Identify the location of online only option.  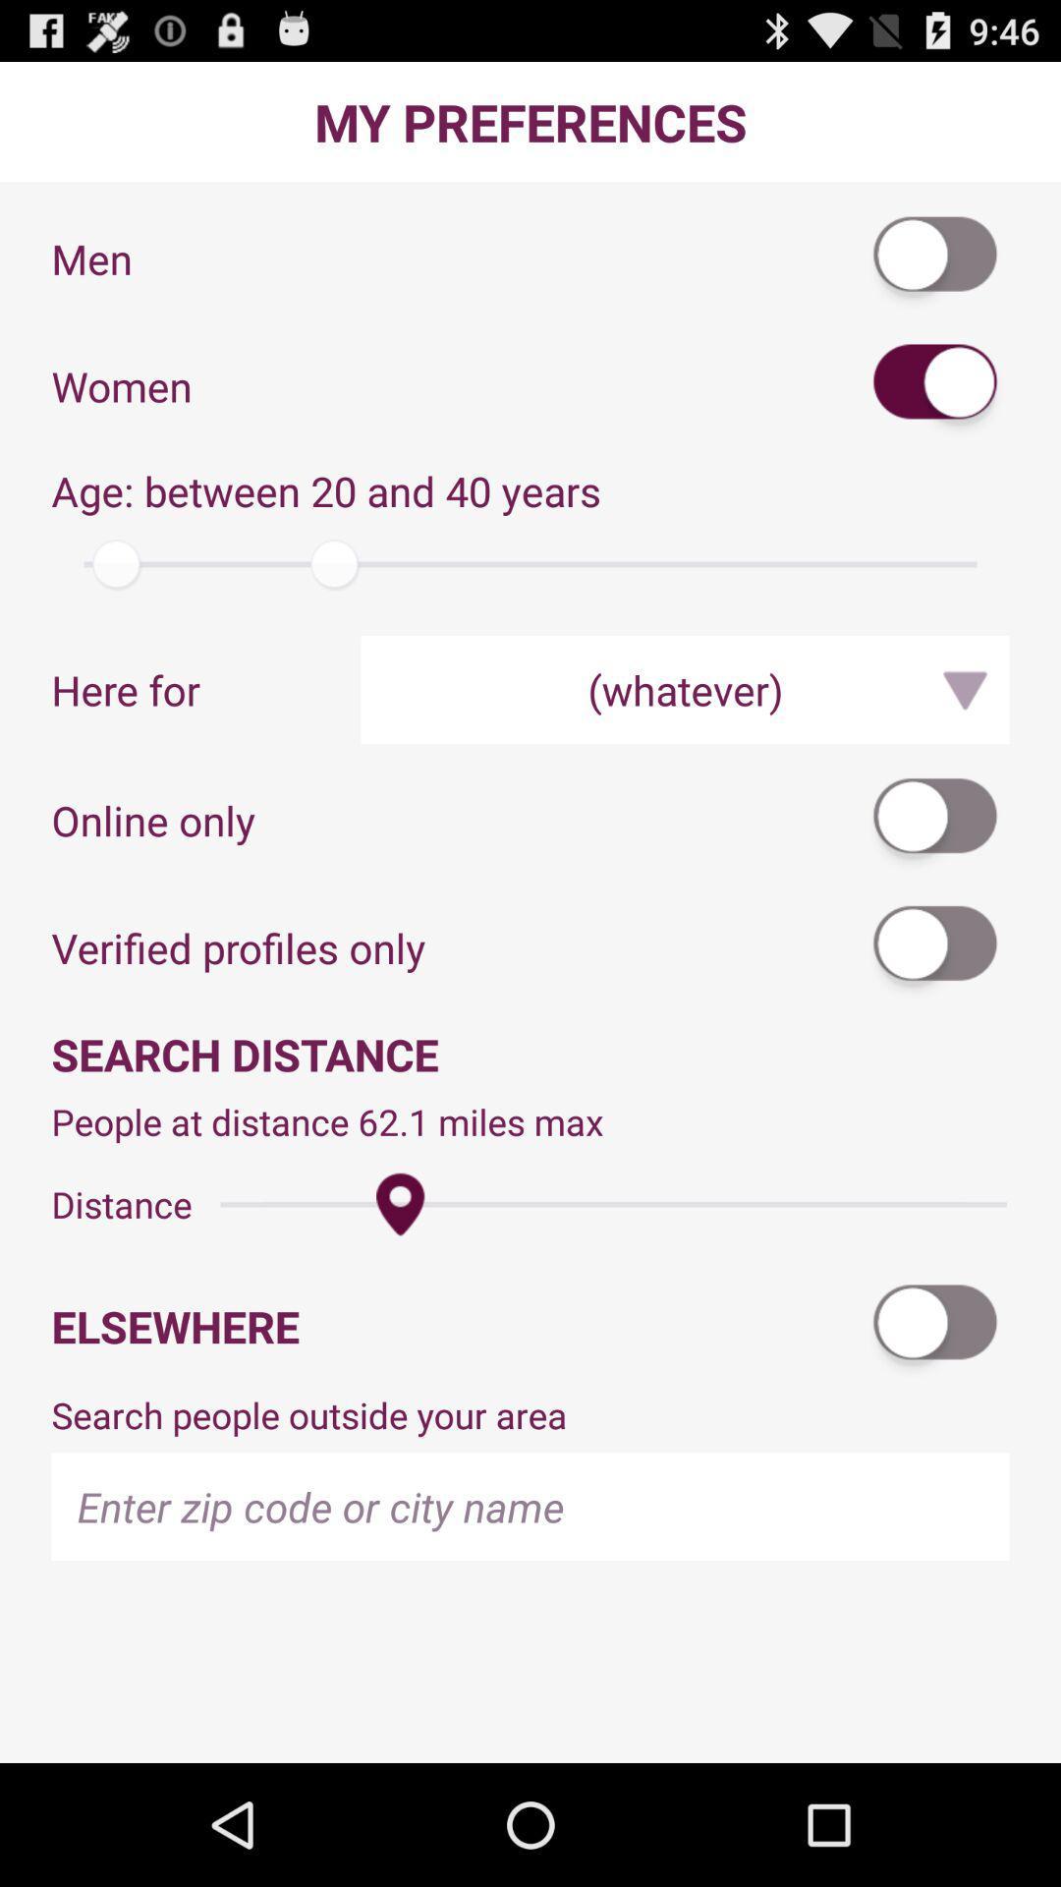
(935, 820).